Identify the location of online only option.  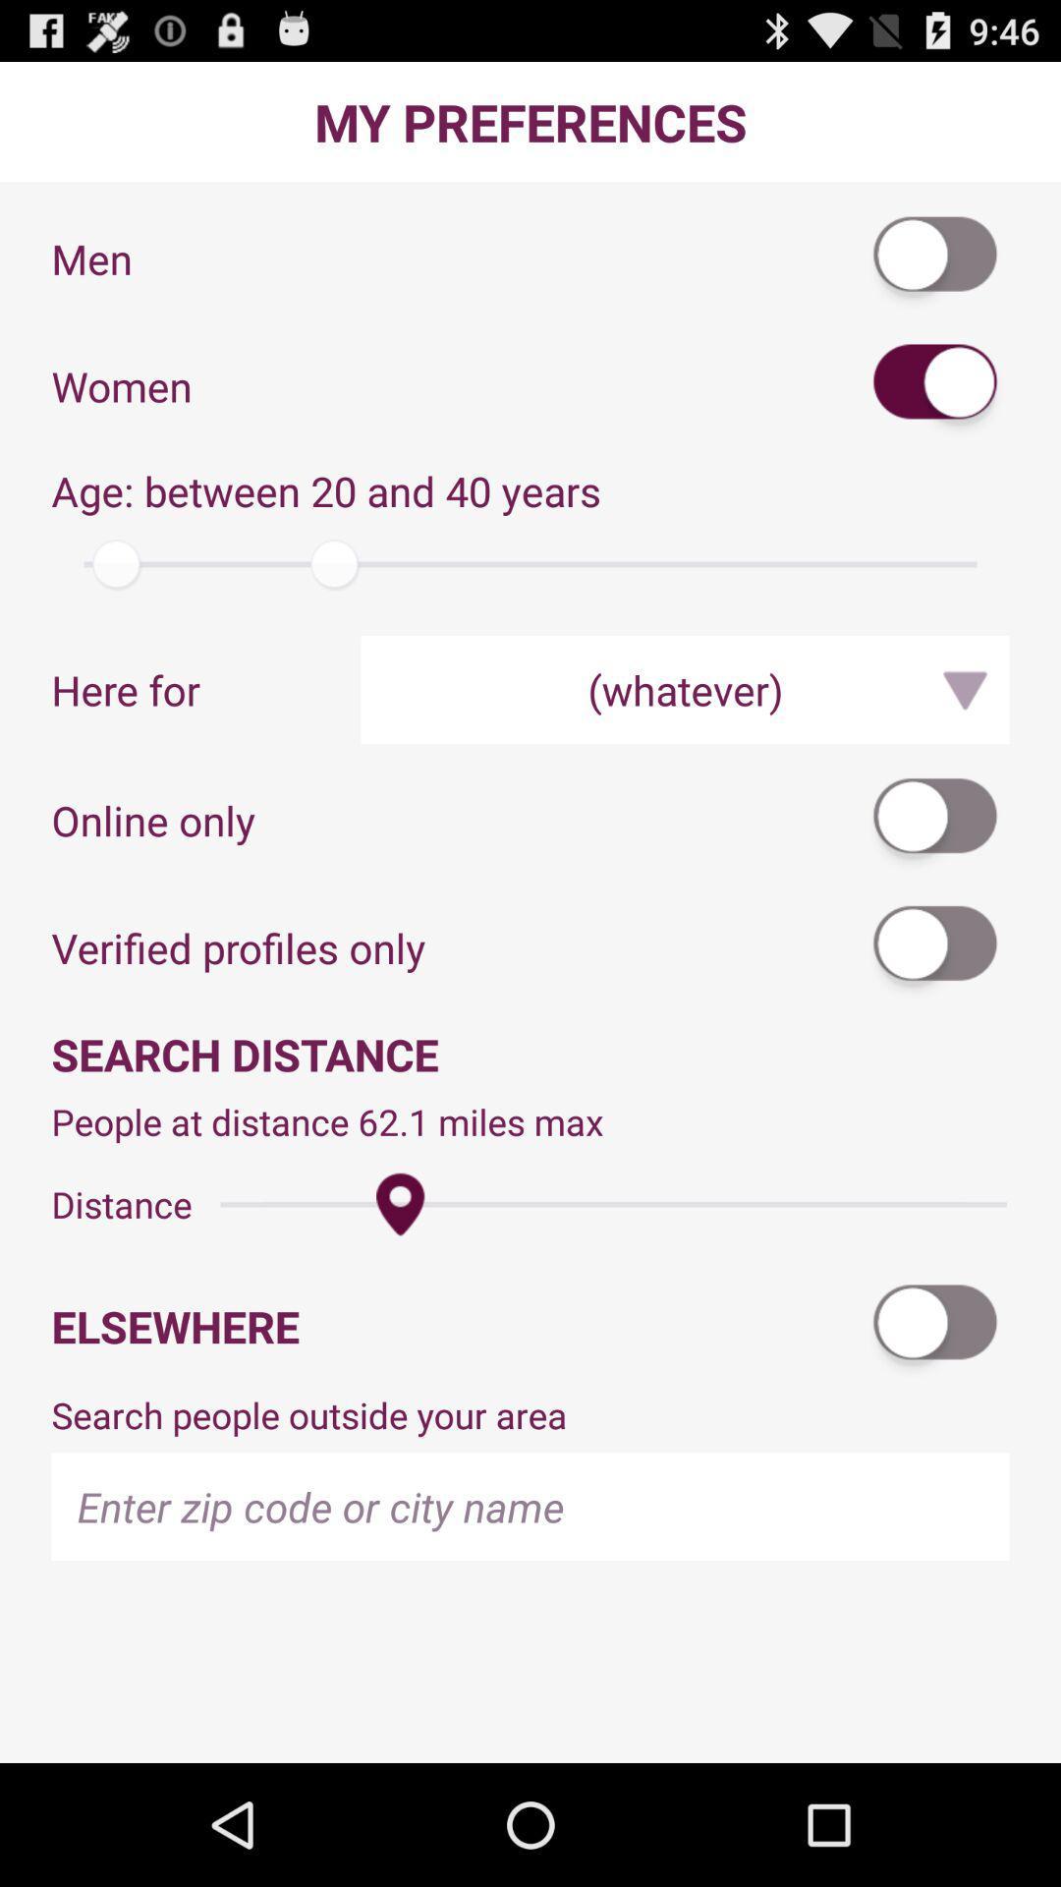
(935, 820).